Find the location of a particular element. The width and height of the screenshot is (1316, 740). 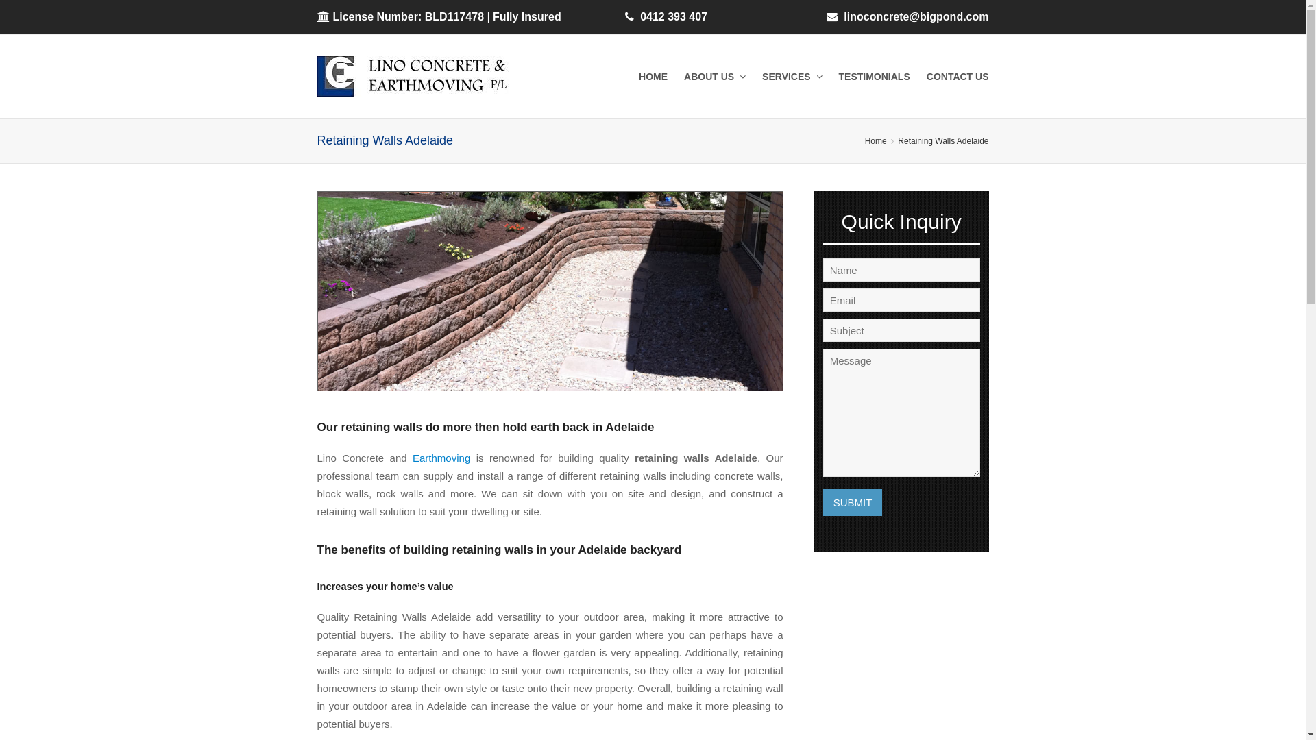

'CONTACT US' is located at coordinates (957, 76).